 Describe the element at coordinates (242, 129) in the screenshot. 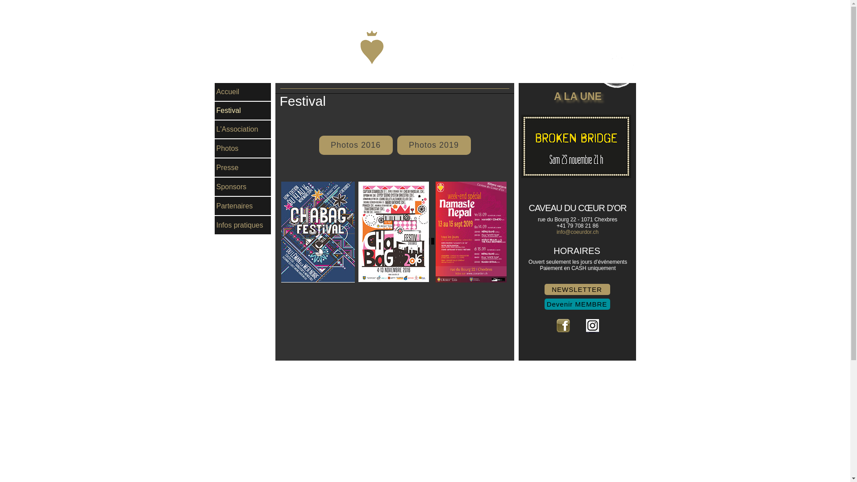

I see `'L'Association'` at that location.